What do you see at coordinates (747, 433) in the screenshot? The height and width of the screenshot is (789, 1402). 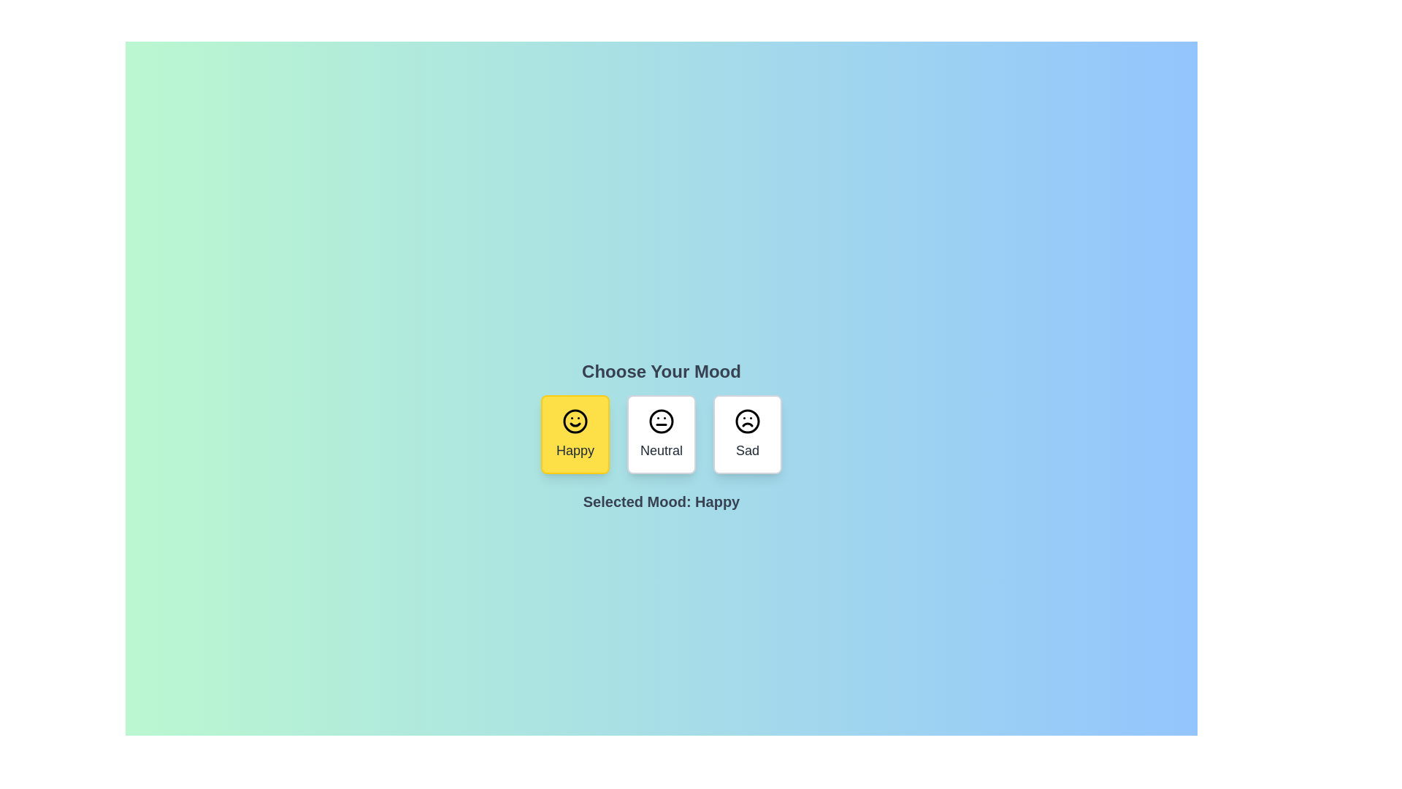 I see `the mood button corresponding to Sad` at bounding box center [747, 433].